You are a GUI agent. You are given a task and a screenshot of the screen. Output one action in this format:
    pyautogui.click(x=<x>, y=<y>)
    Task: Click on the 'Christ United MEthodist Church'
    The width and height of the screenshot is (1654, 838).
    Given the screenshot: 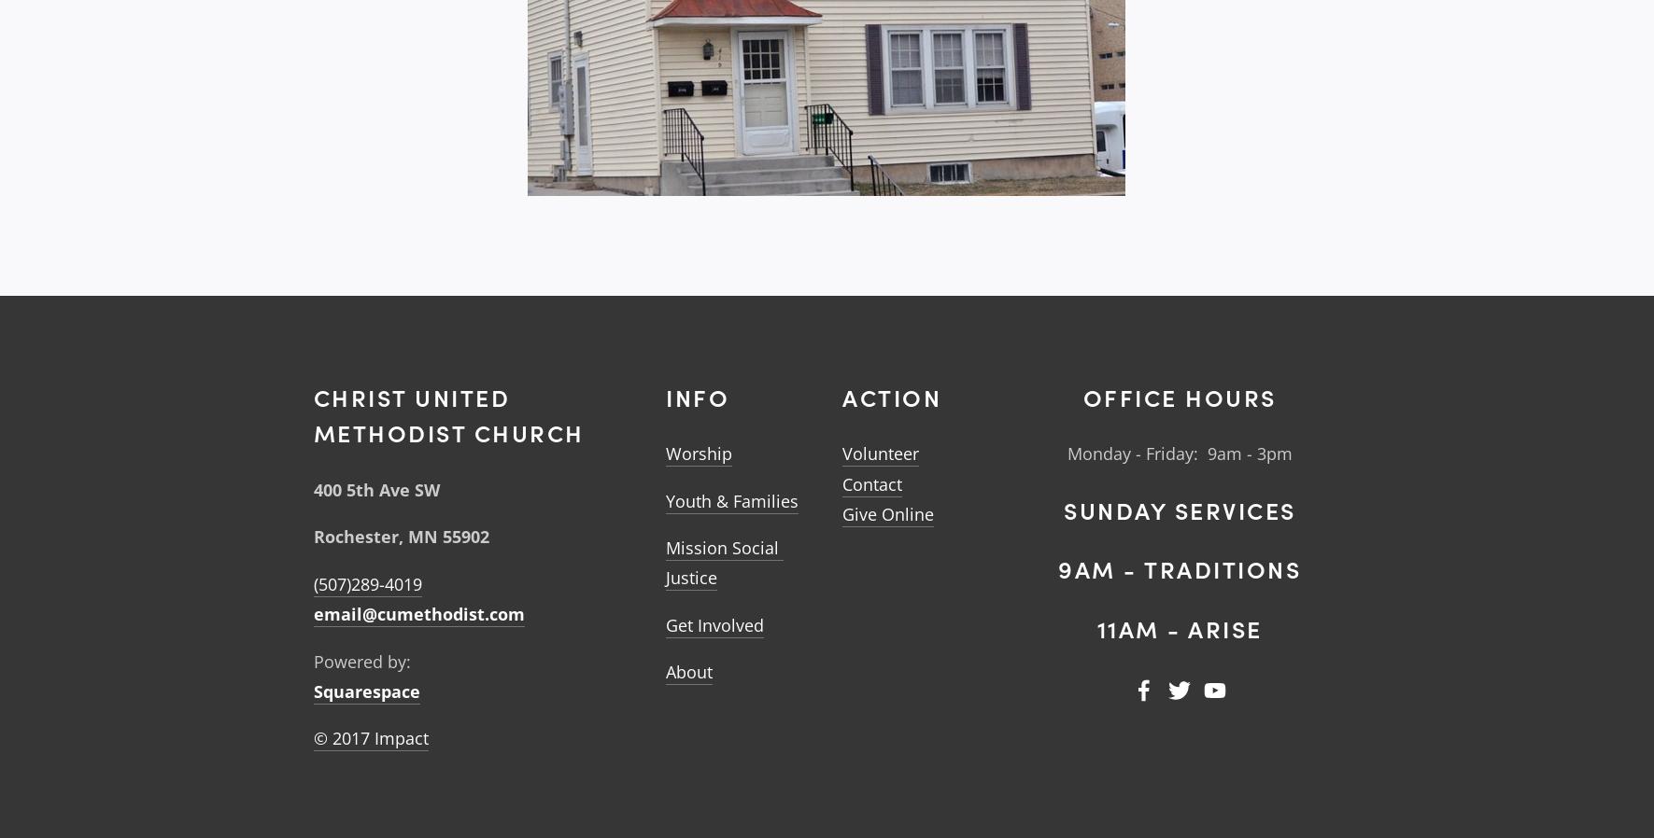 What is the action you would take?
    pyautogui.click(x=447, y=413)
    